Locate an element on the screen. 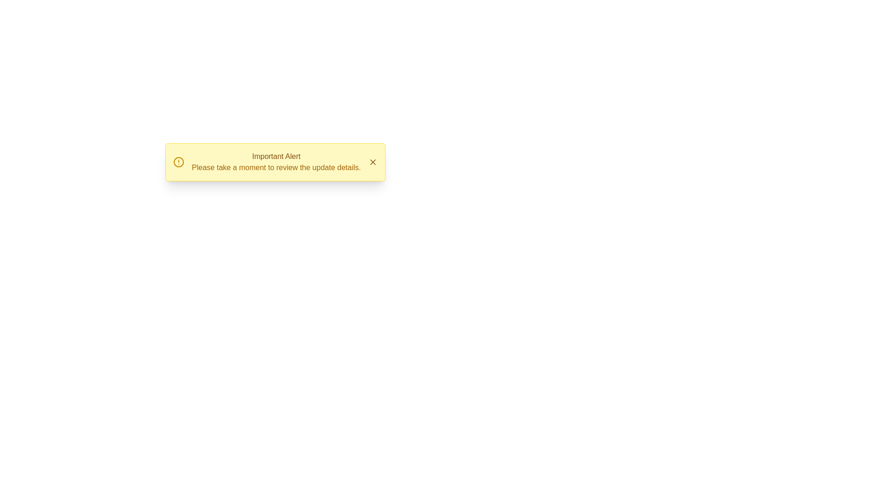 Image resolution: width=894 pixels, height=502 pixels. the icon to focus on it for further visual details is located at coordinates (179, 161).